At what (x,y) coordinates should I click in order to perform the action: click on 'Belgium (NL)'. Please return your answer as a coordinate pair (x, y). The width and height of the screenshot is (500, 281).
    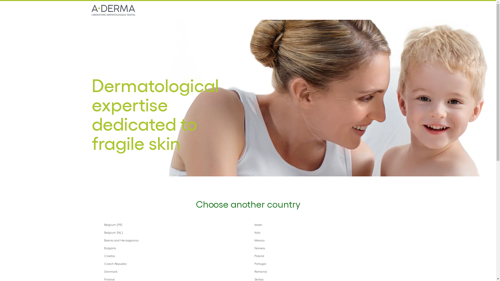
    Looking at the image, I should click on (104, 232).